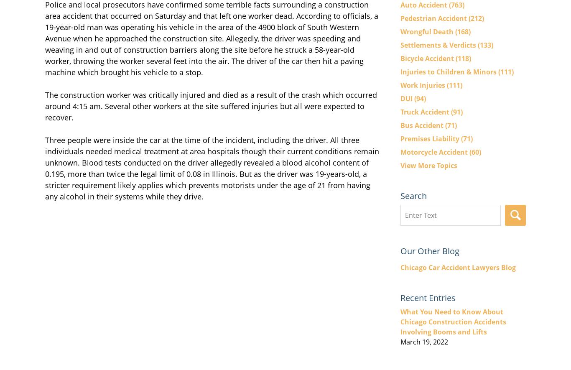 The height and width of the screenshot is (370, 571). What do you see at coordinates (428, 58) in the screenshot?
I see `'Bicycle Accident'` at bounding box center [428, 58].